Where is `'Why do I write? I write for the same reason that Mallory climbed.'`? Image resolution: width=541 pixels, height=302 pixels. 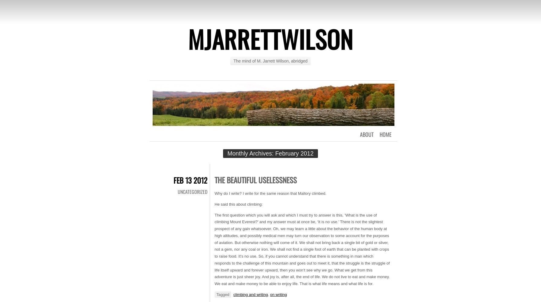 'Why do I write? I write for the same reason that Mallory climbed.' is located at coordinates (270, 193).